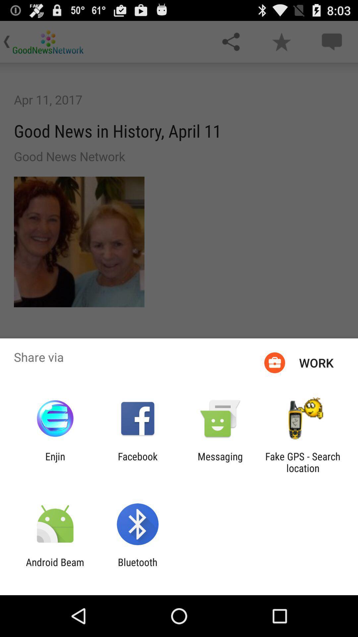  What do you see at coordinates (55, 462) in the screenshot?
I see `item to the left of facebook item` at bounding box center [55, 462].